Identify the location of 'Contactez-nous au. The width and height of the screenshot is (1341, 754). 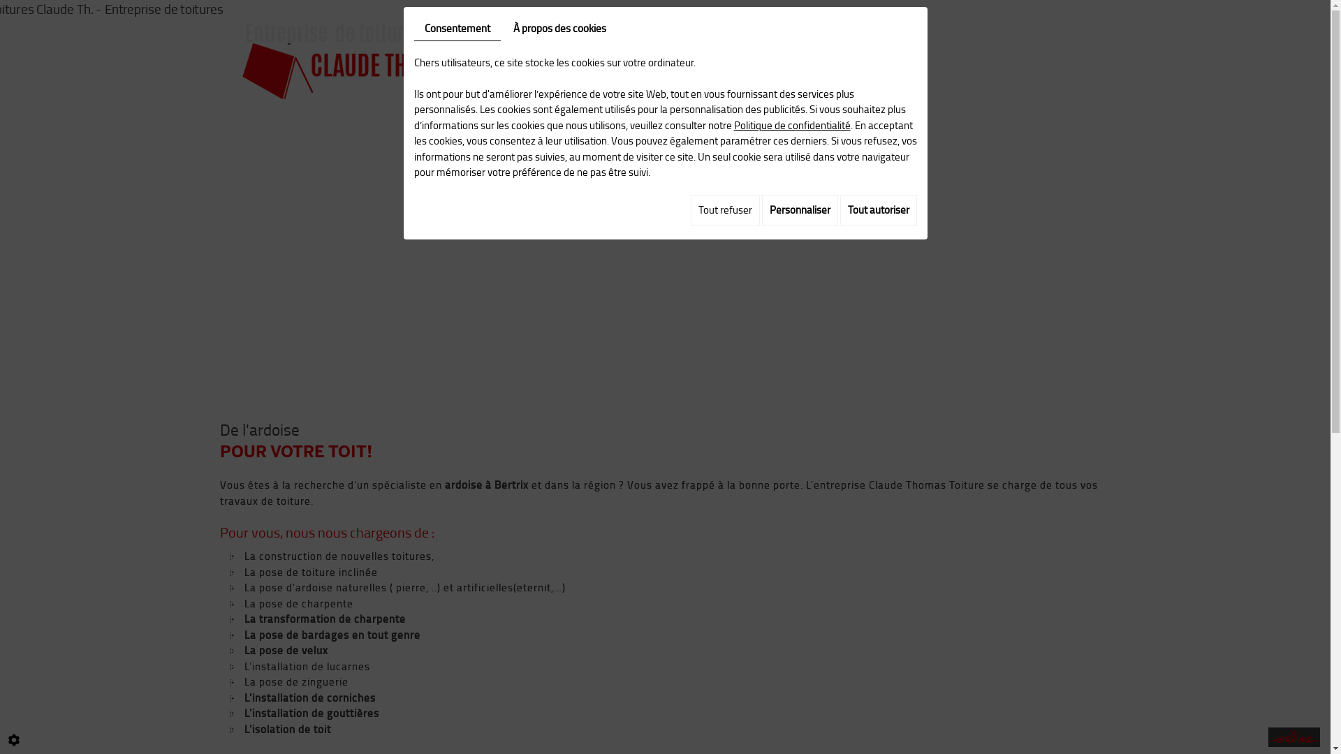
(665, 195).